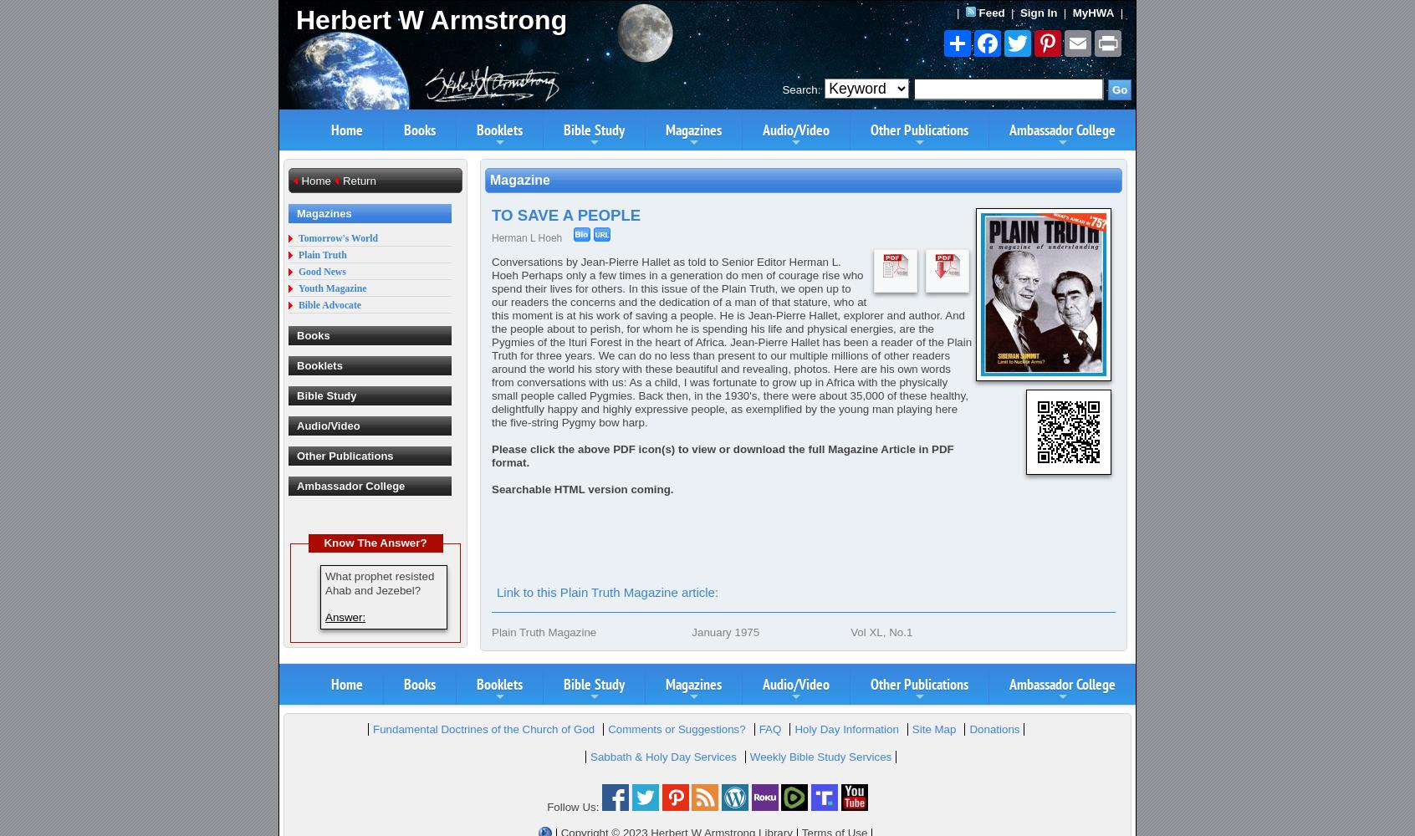  I want to click on 'Herman L Hoeh', so click(490, 238).